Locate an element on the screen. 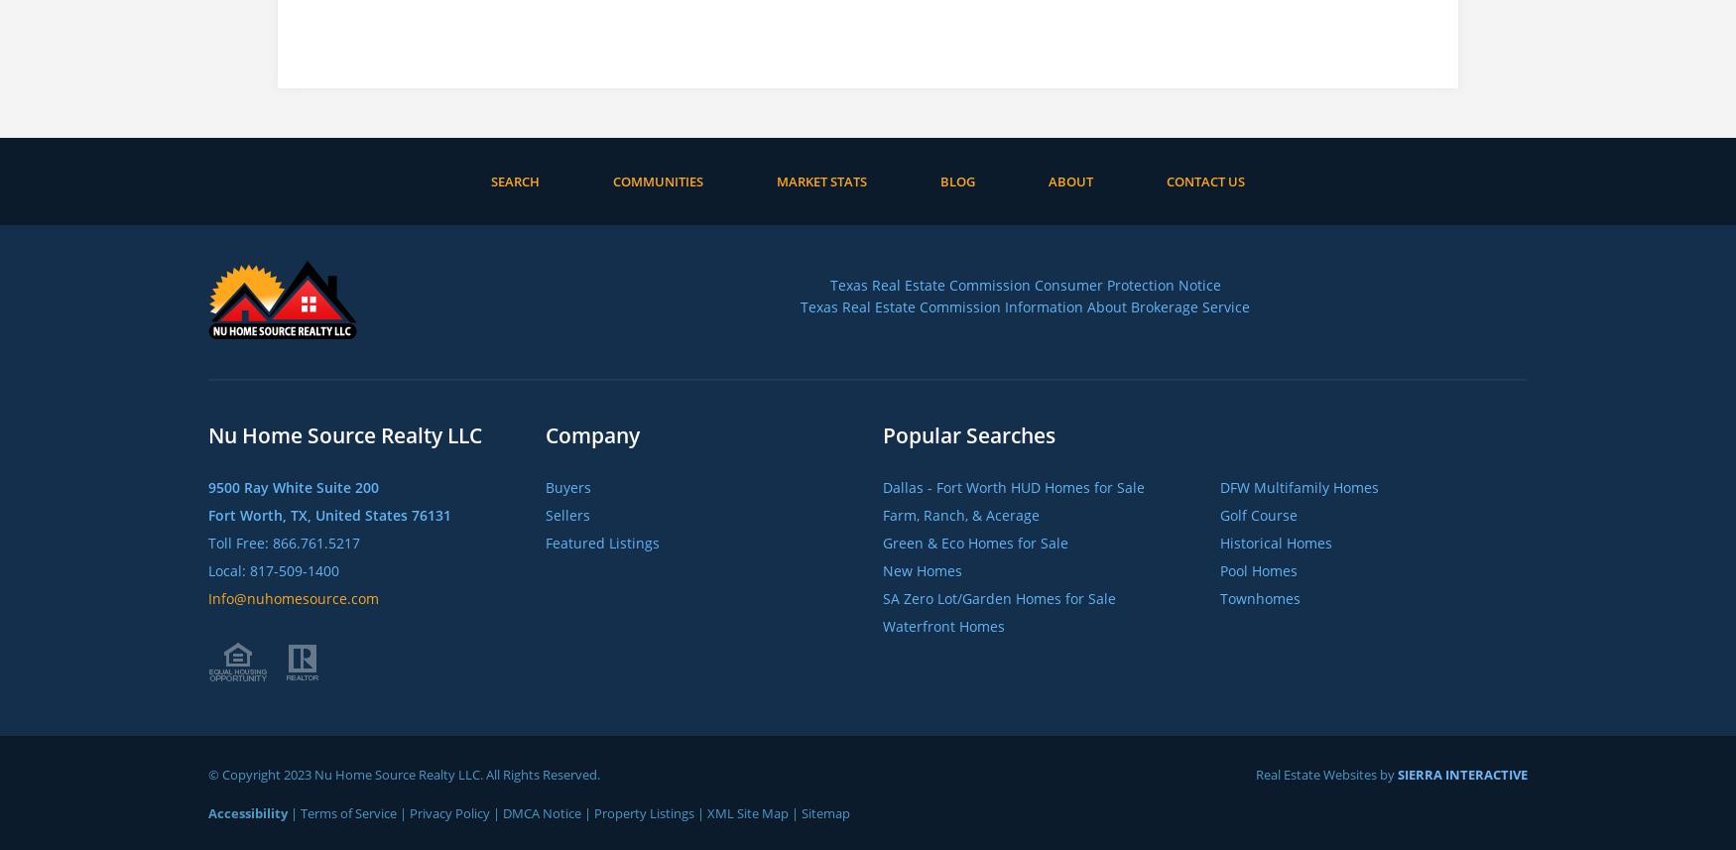  'Blog' is located at coordinates (957, 181).